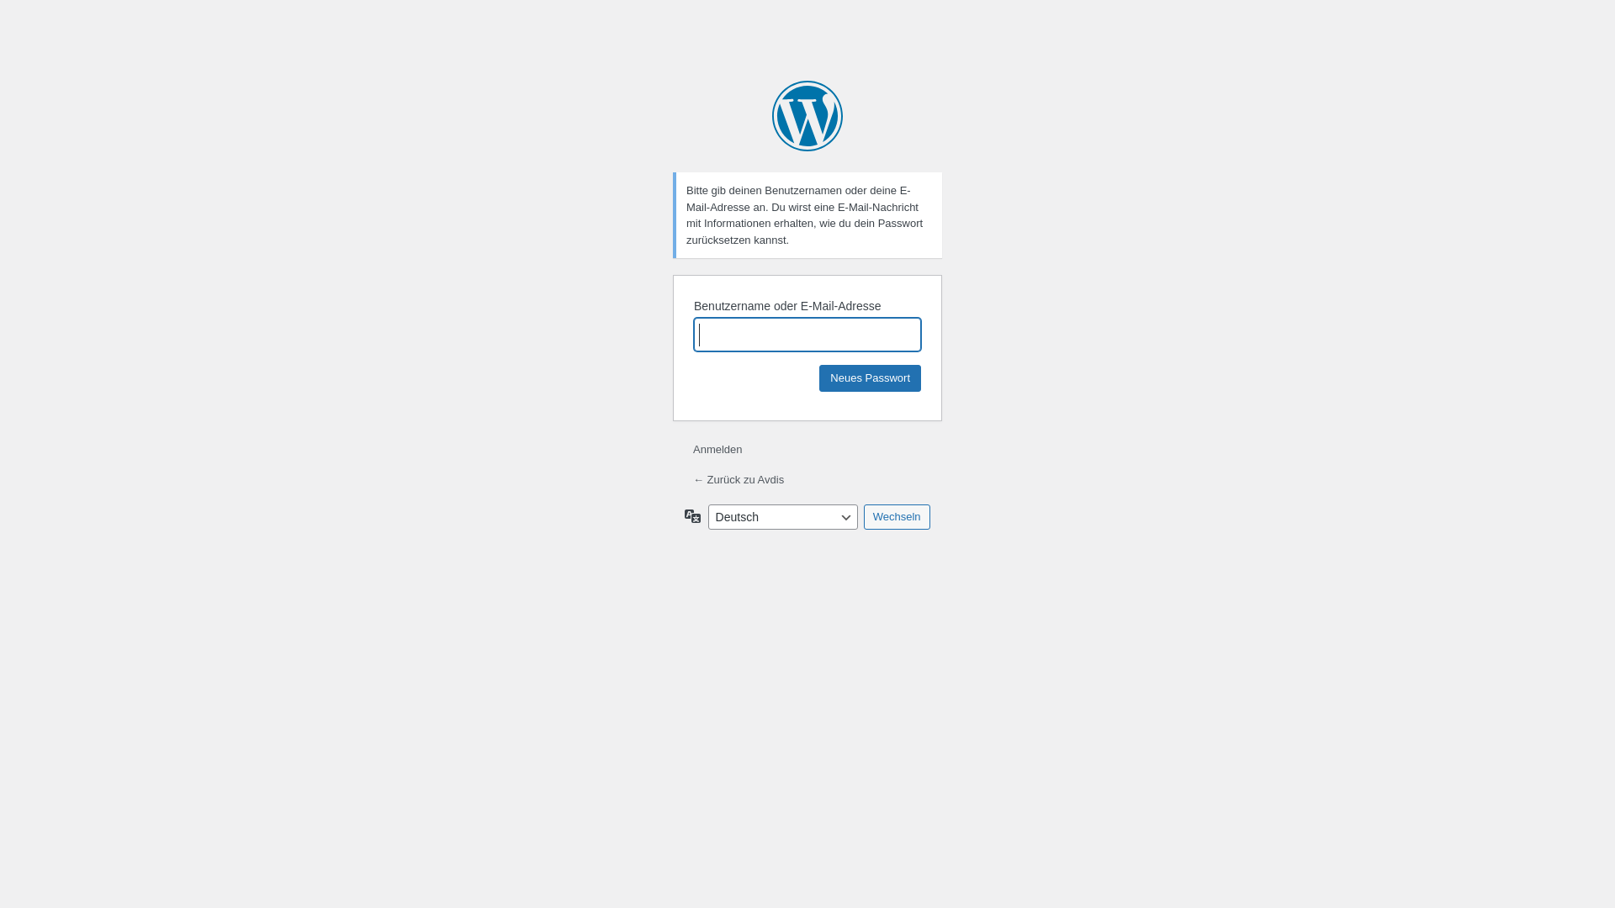  What do you see at coordinates (717, 448) in the screenshot?
I see `'Anmelden'` at bounding box center [717, 448].